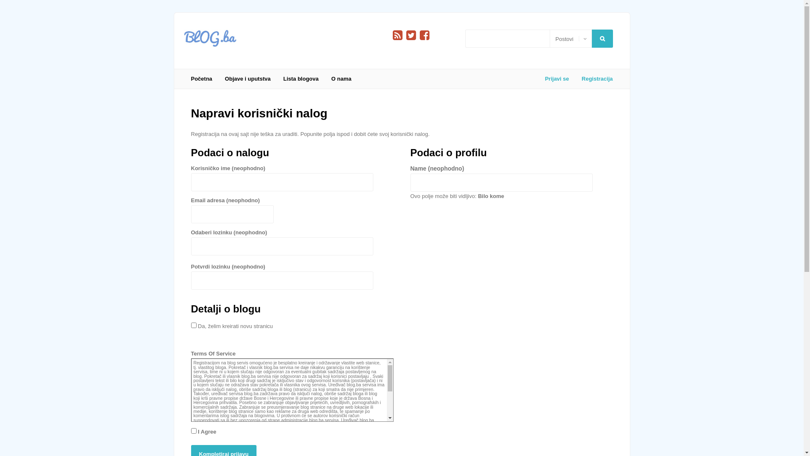 The width and height of the screenshot is (810, 456). I want to click on 'Registracija', so click(575, 79).